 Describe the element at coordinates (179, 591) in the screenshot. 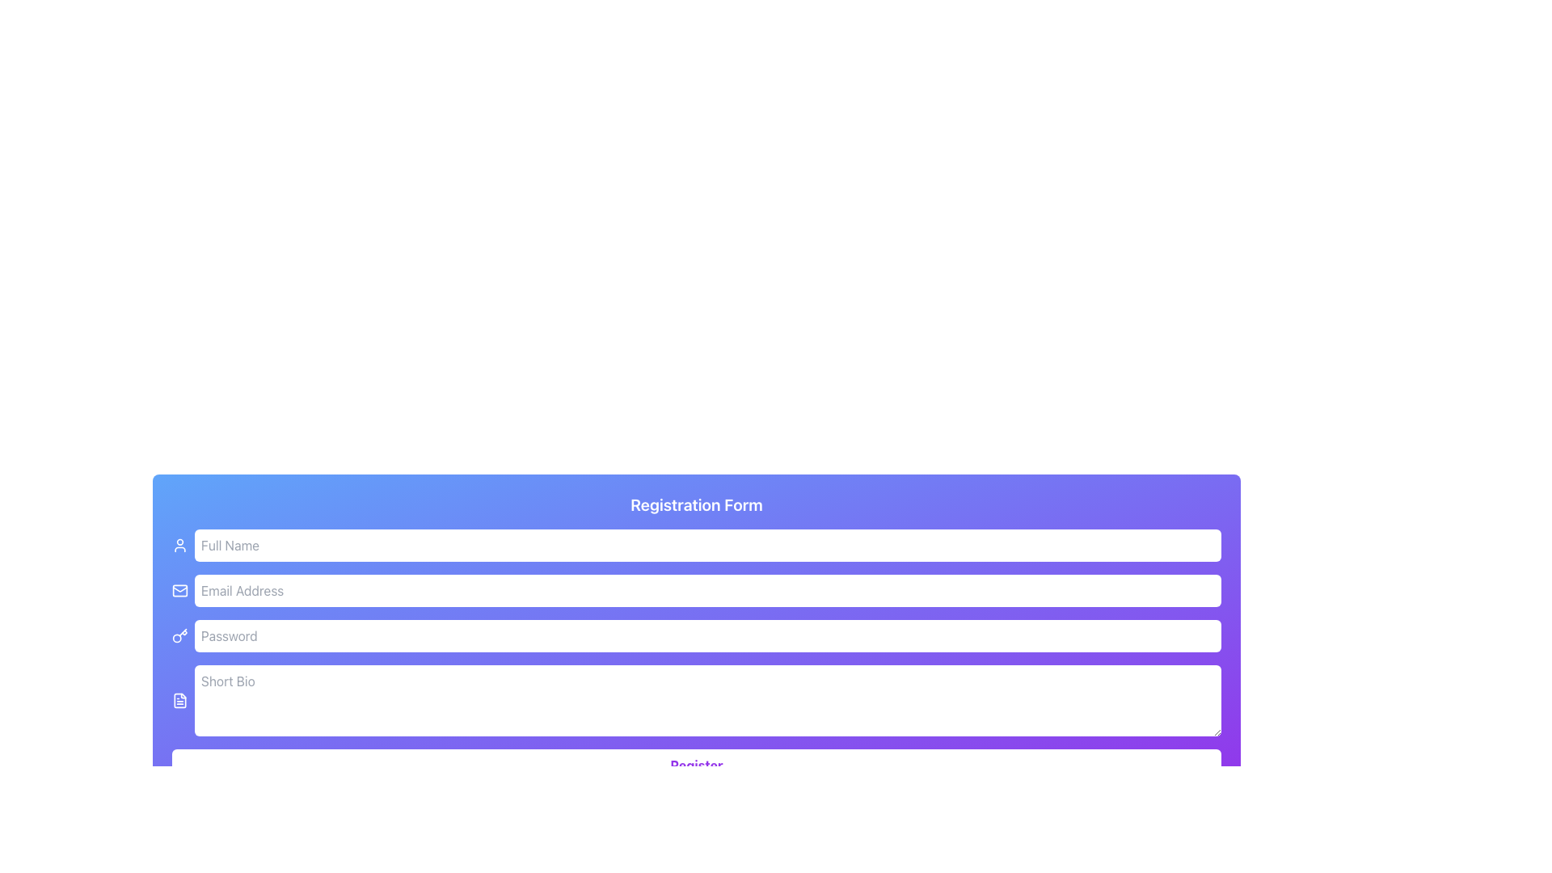

I see `the small mail icon styled in light-colored line art, located within the input field row labeled 'Email Address', on its left side` at that location.